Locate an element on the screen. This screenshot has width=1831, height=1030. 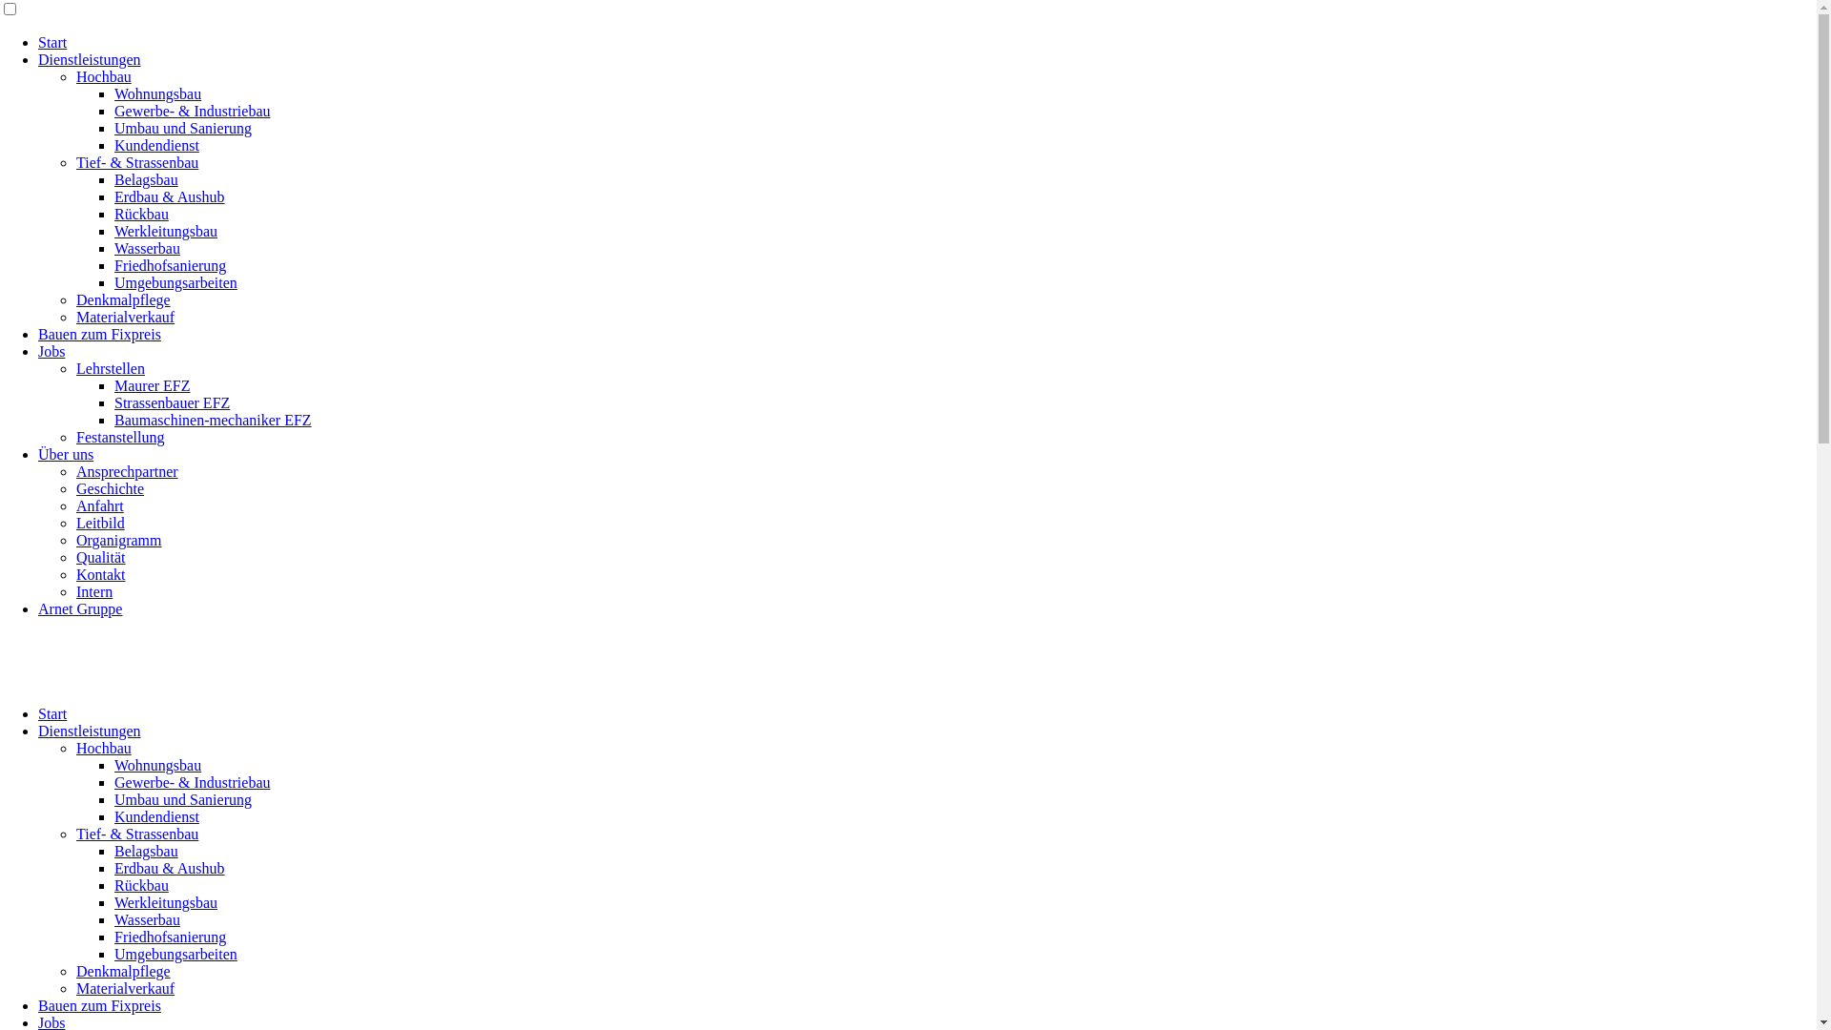
'Geschichte' is located at coordinates (109, 487).